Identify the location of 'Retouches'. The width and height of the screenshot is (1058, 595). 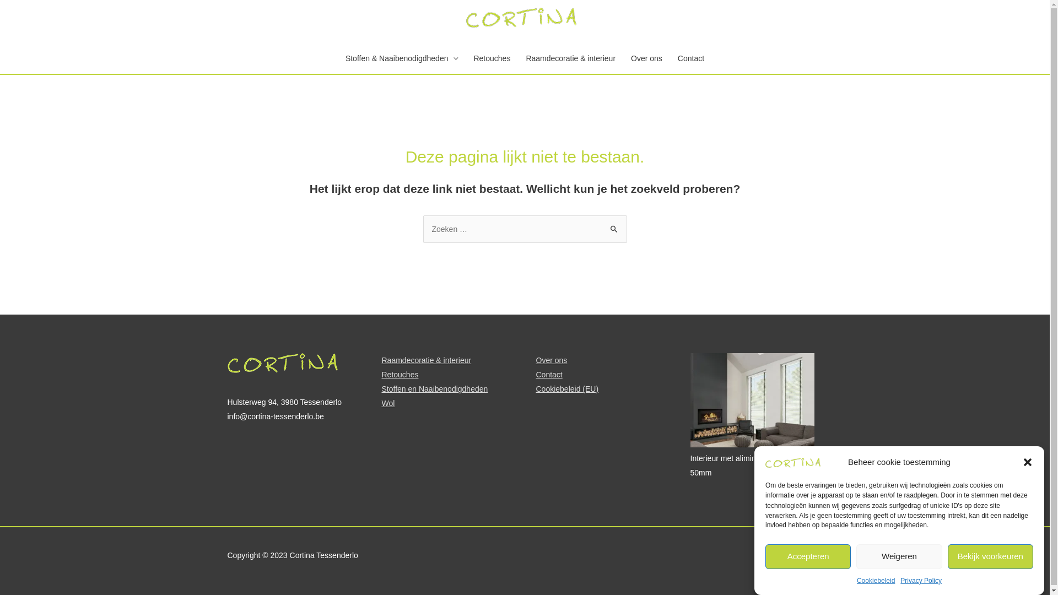
(491, 58).